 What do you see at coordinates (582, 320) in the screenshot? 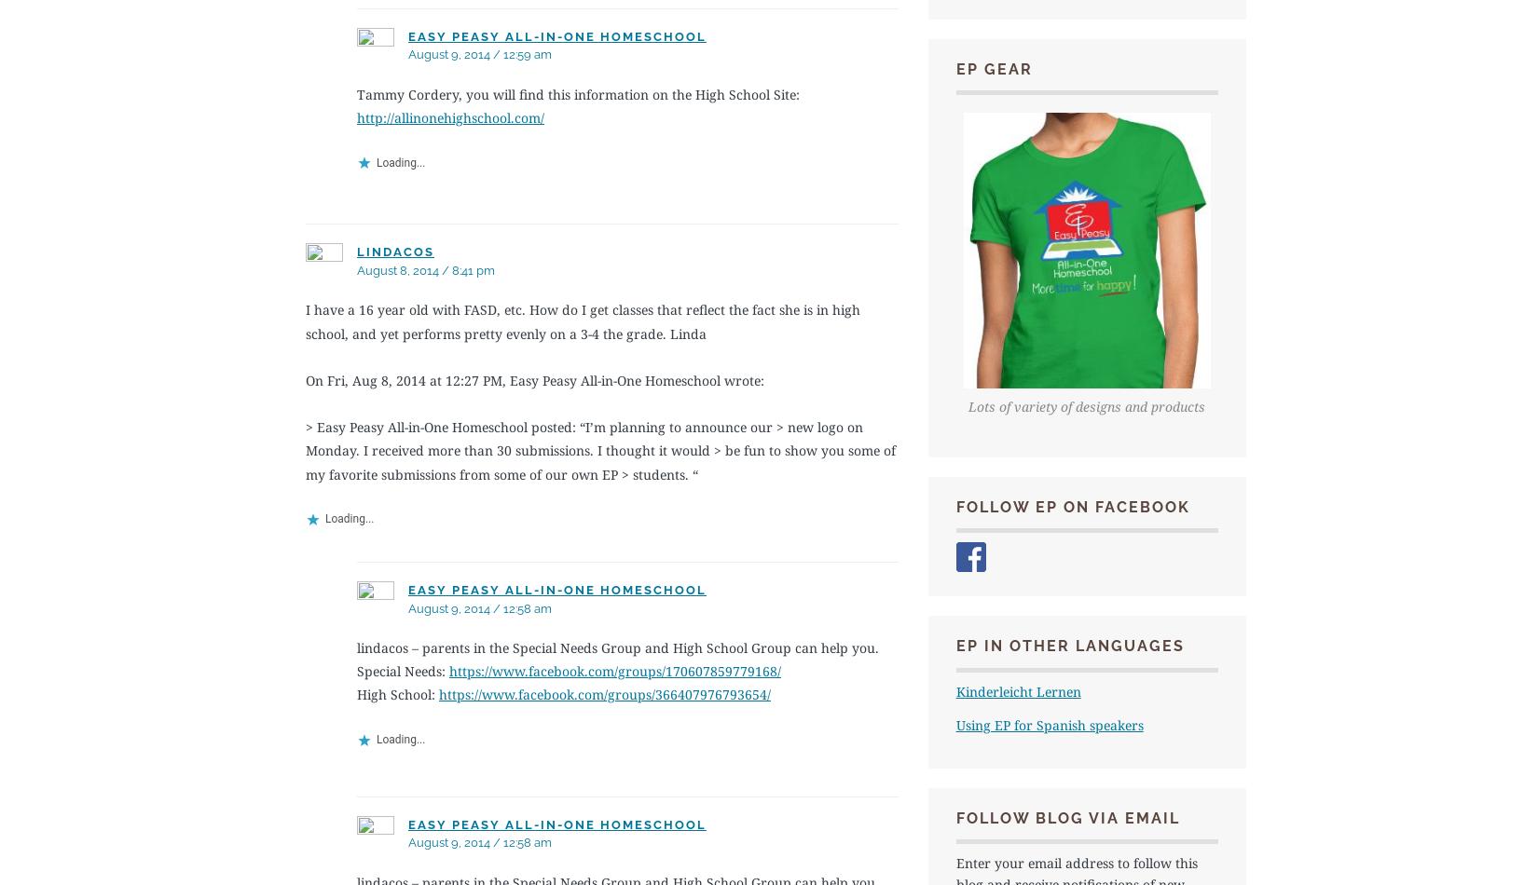
I see `'I have a 16 year old with FASD, etc. How do I get classes that reflect the fact she is in high school, and yet performs pretty evenly on a 3-4 the grade. Linda'` at bounding box center [582, 320].